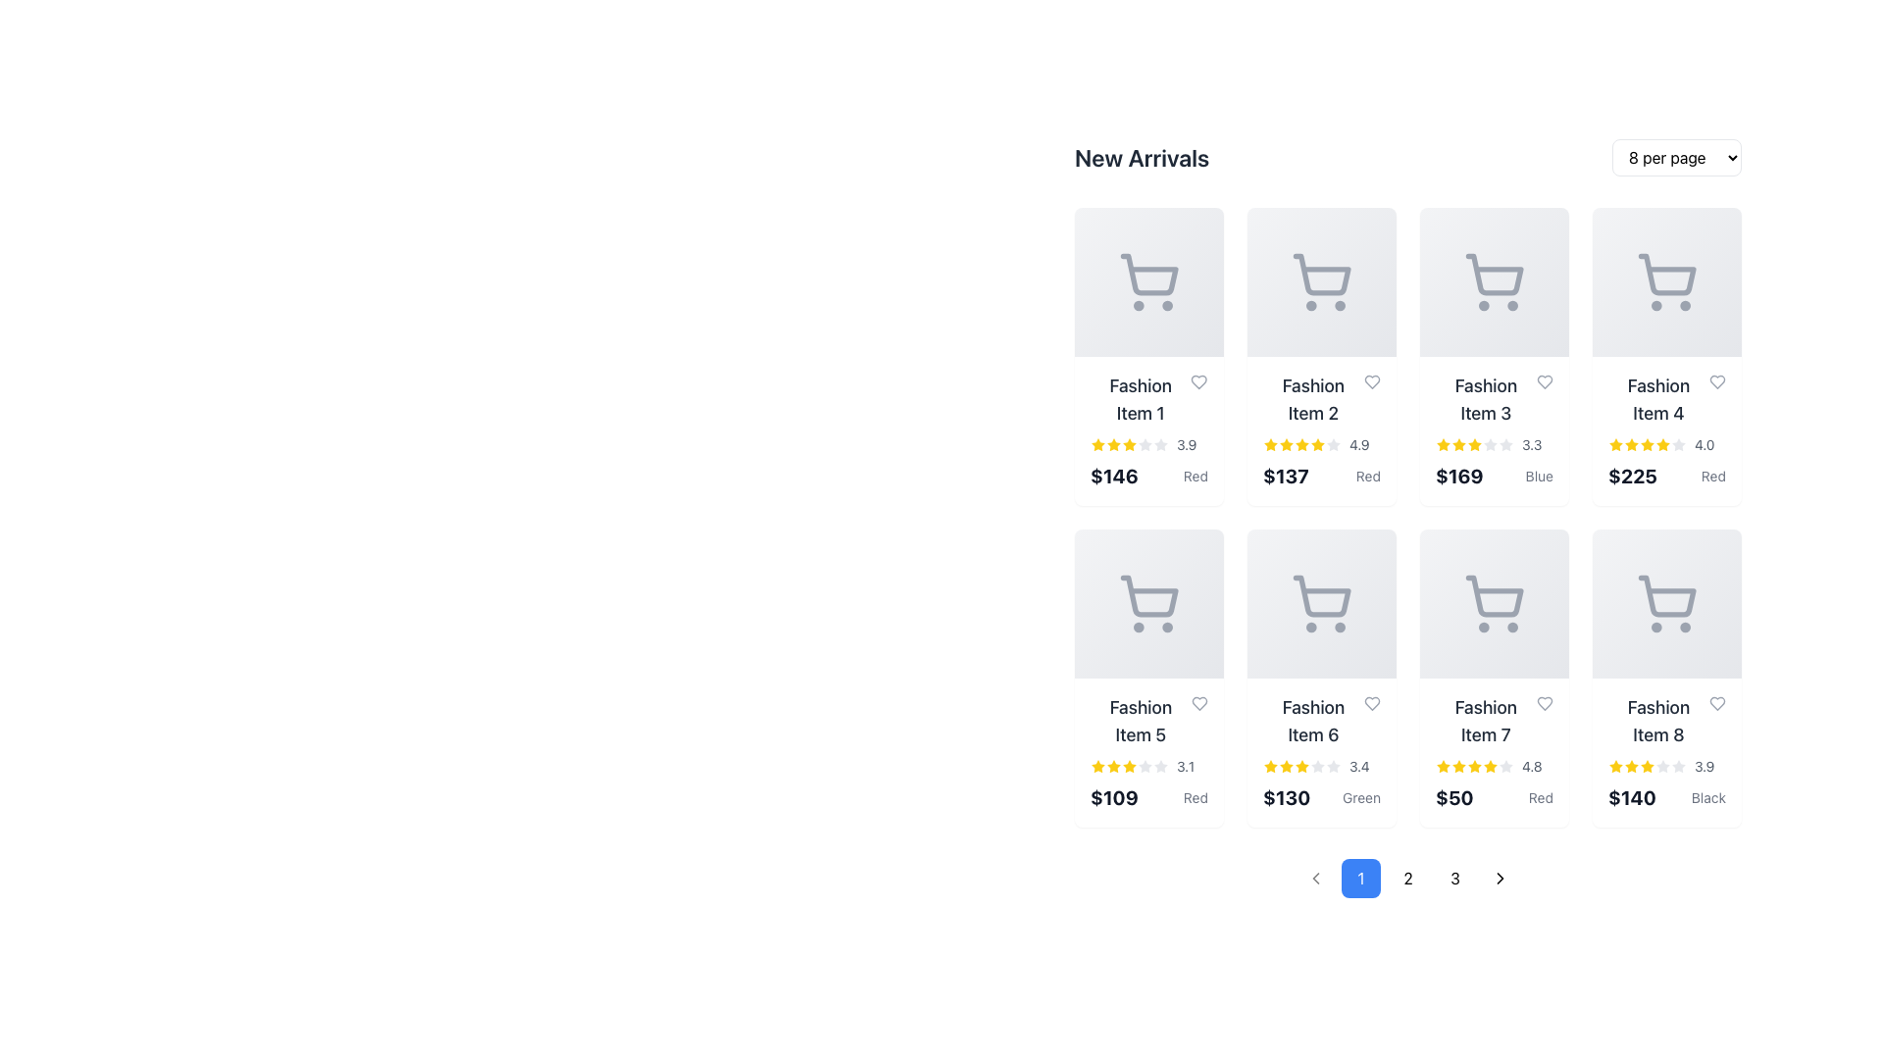 The image size is (1883, 1059). Describe the element at coordinates (1538, 477) in the screenshot. I see `the text label reading 'Blue' located within the product card of 'Fashion Item 3' next to the price text ('$169')` at that location.